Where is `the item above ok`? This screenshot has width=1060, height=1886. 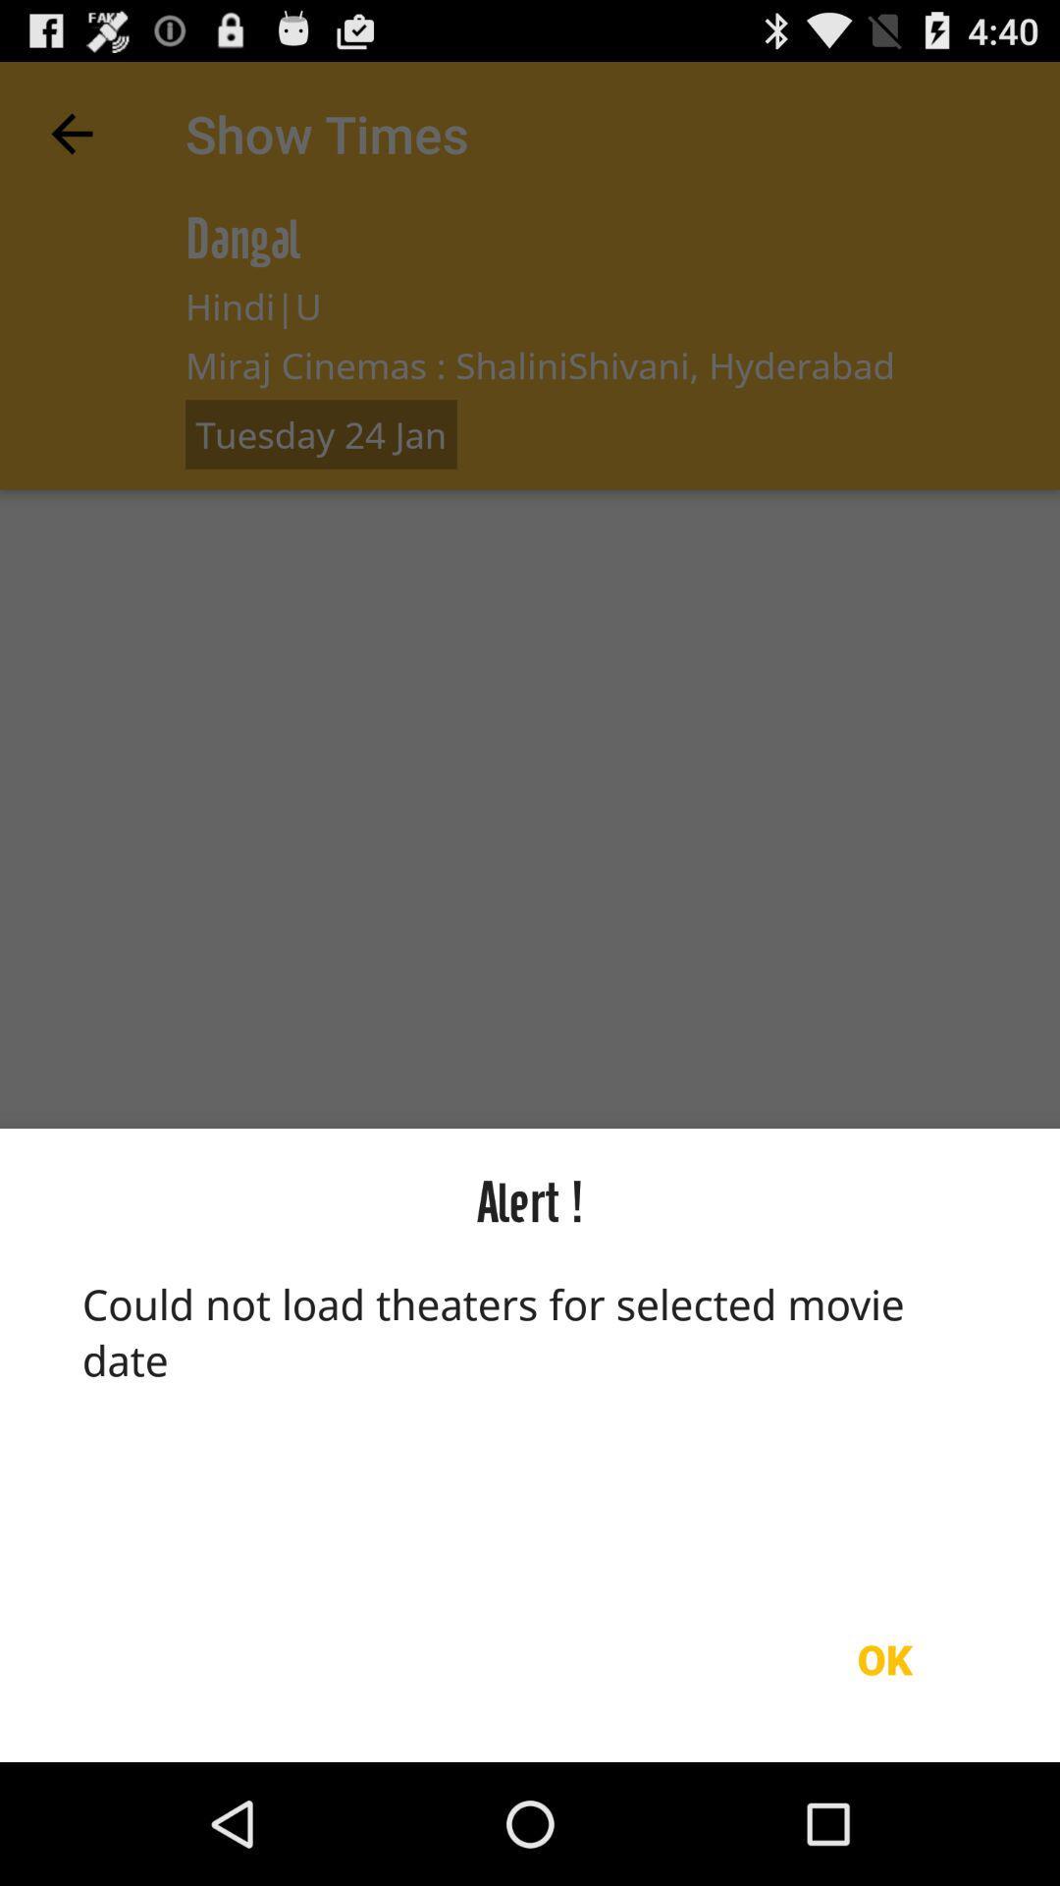
the item above ok is located at coordinates (530, 1415).